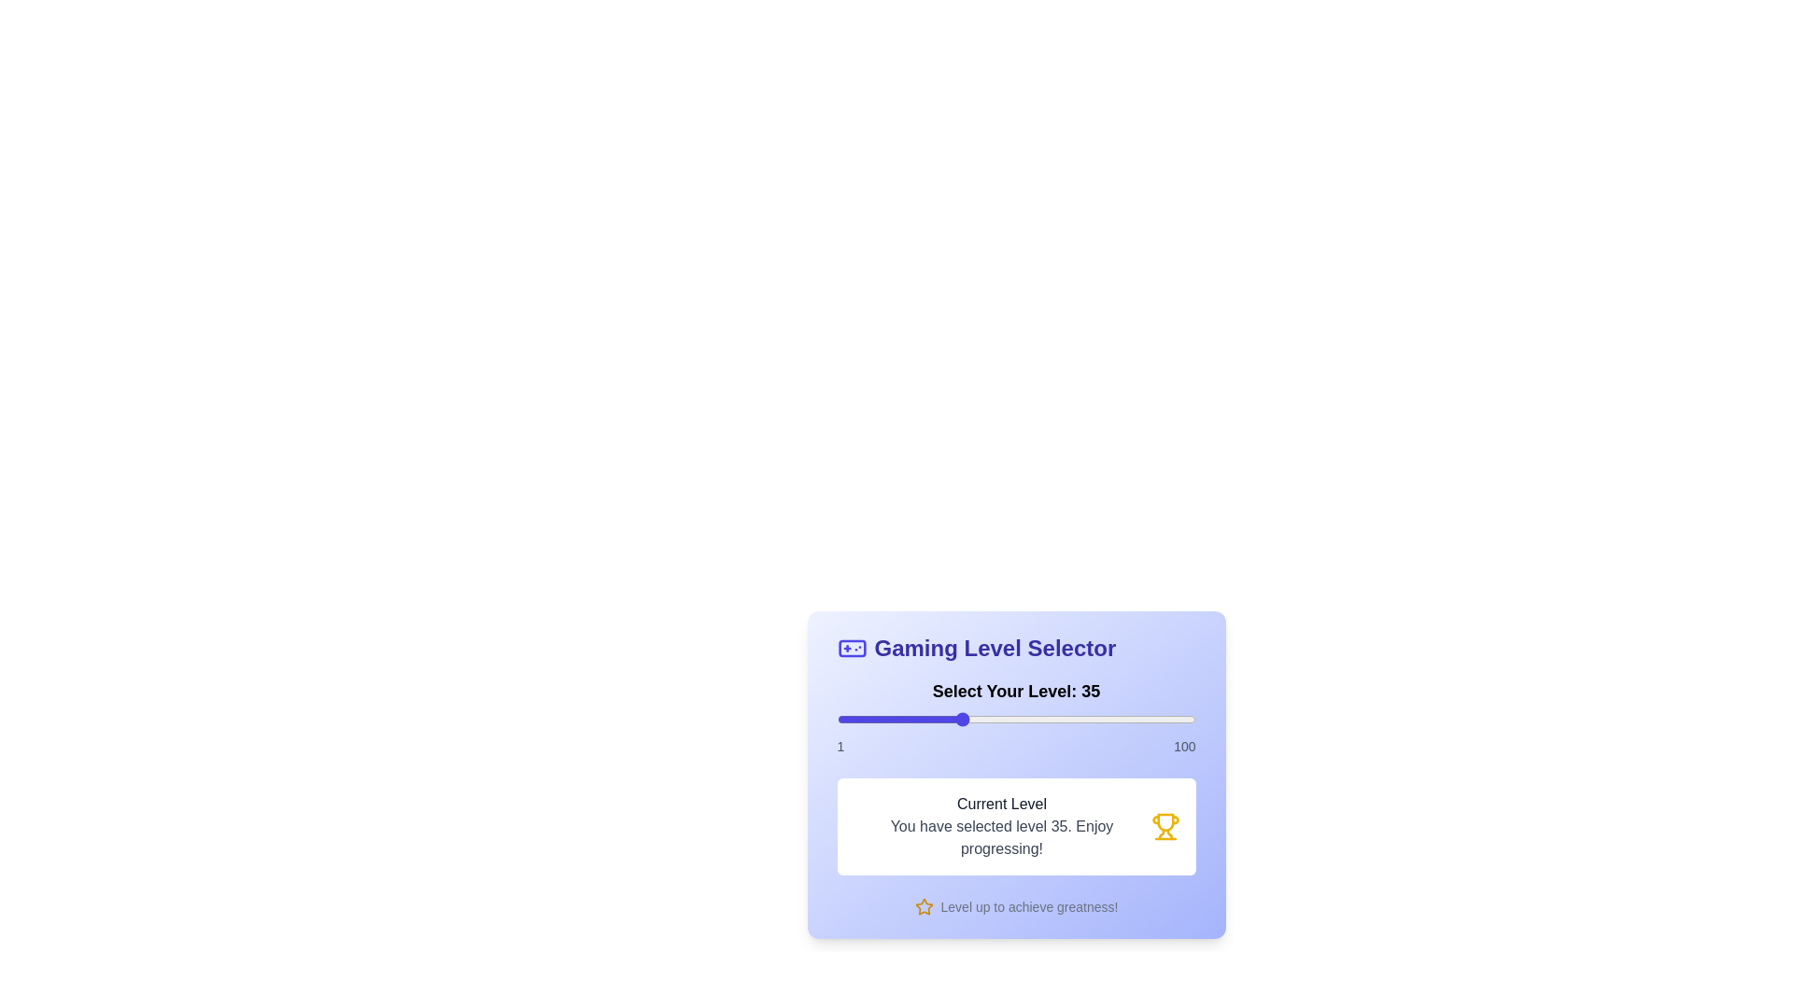 Image resolution: width=1793 pixels, height=1008 pixels. I want to click on the slider level, so click(1187, 719).